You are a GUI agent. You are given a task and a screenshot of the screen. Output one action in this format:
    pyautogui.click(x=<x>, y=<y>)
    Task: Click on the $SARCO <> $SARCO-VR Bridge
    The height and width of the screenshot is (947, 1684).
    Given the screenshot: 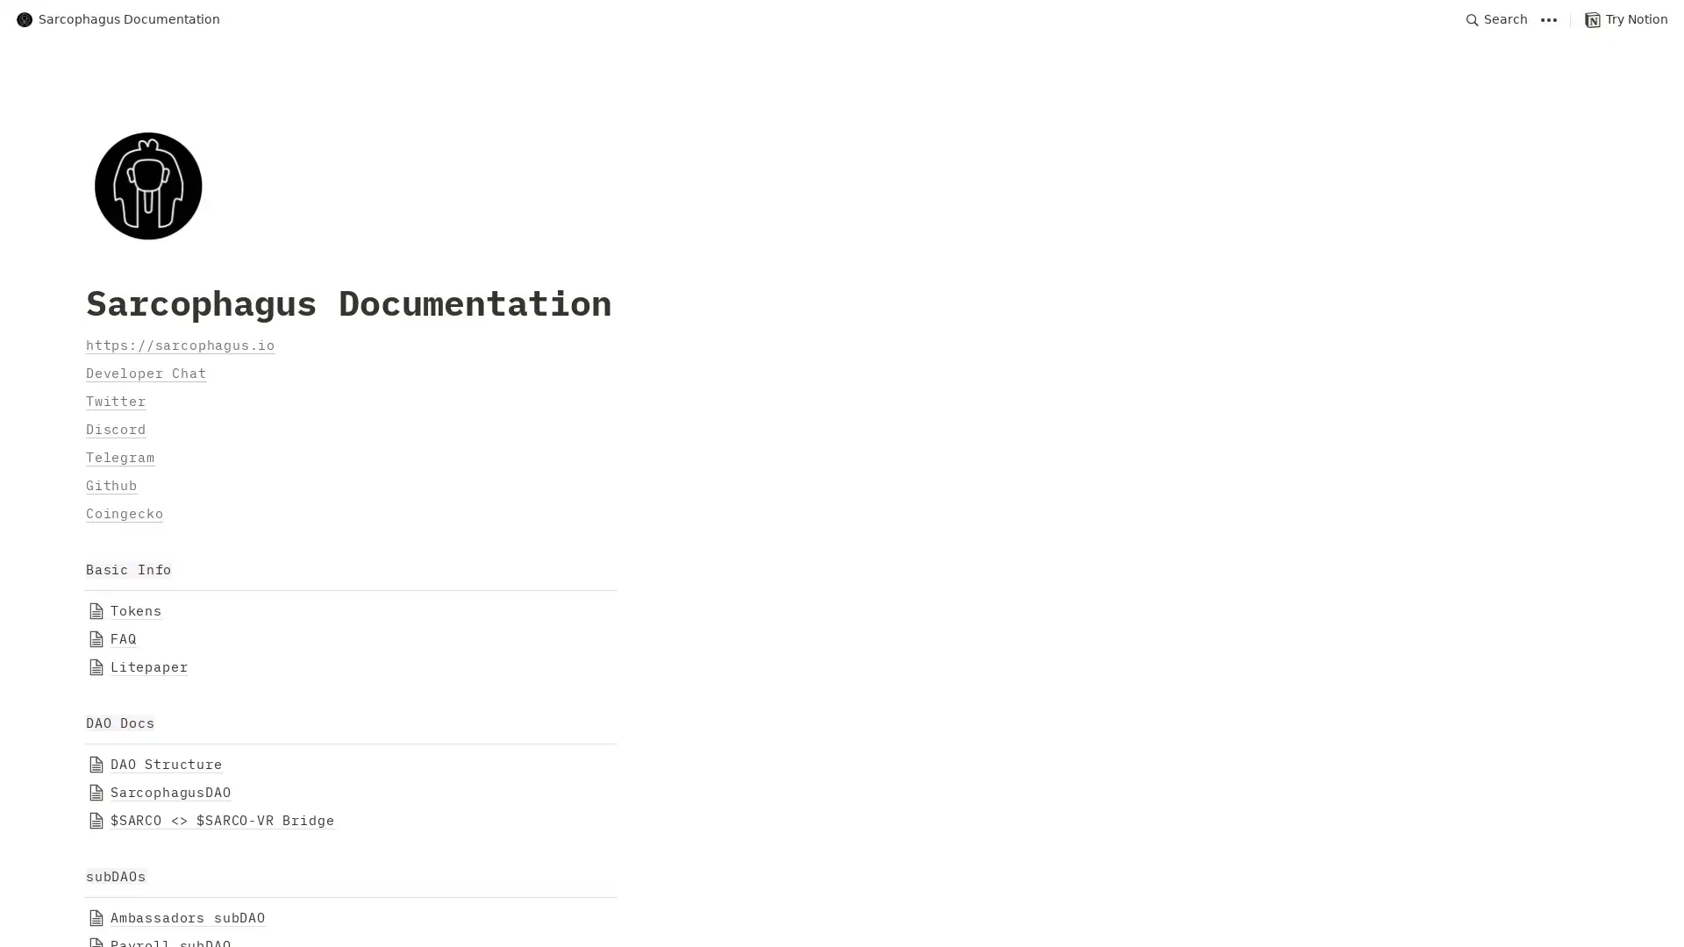 What is the action you would take?
    pyautogui.click(x=842, y=821)
    